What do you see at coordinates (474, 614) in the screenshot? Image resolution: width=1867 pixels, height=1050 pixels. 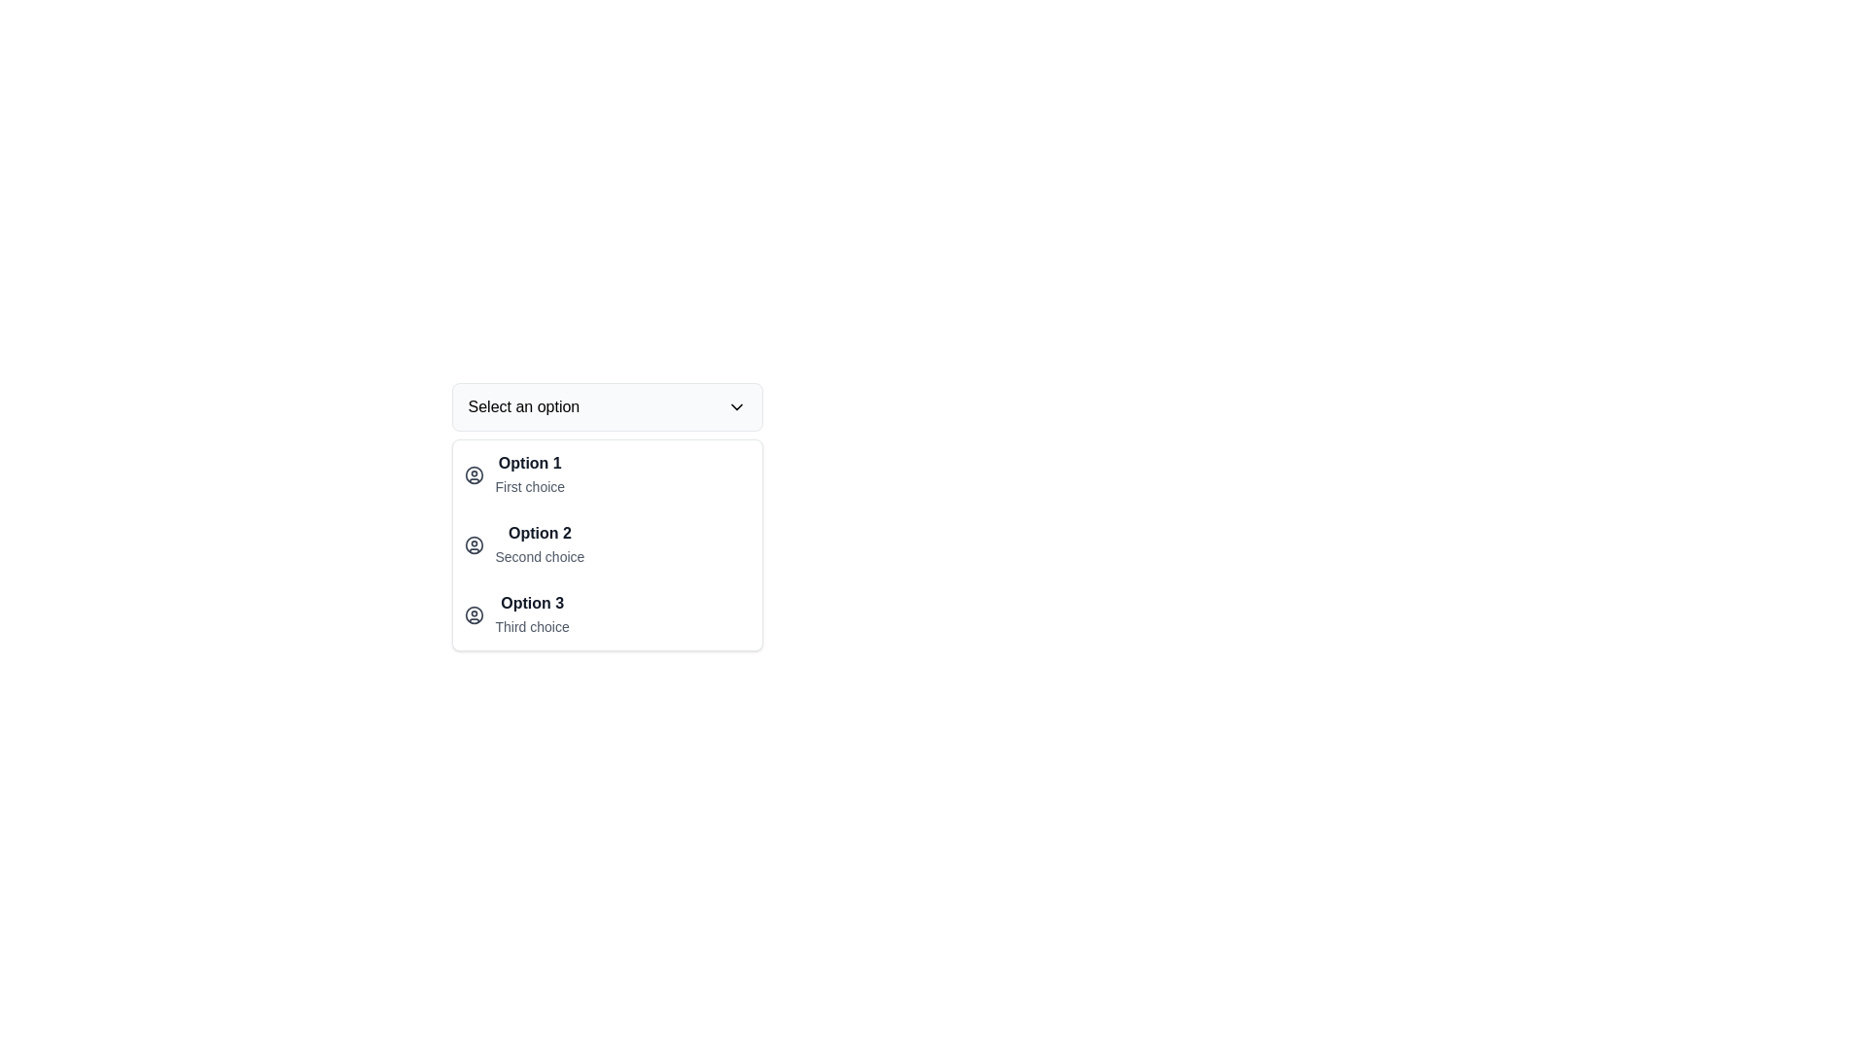 I see `the SVG icon representing a user silhouette located in the third selectable row of a dropdown list, adjacent to the text 'Option 3' and 'Third choice'` at bounding box center [474, 614].